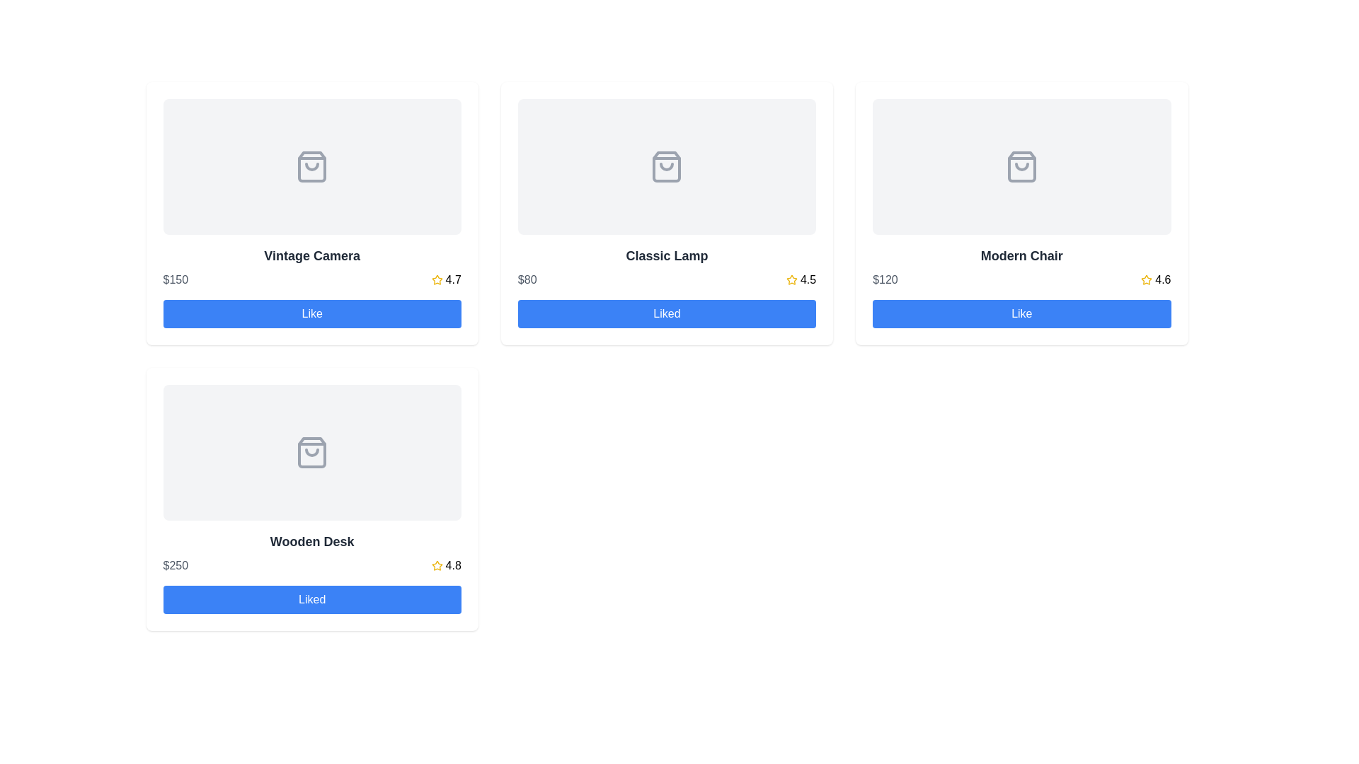  What do you see at coordinates (801, 280) in the screenshot?
I see `the Rating Display for the 'Classic Lamp' item, which consists of a yellow star icon and the text '4.5'` at bounding box center [801, 280].